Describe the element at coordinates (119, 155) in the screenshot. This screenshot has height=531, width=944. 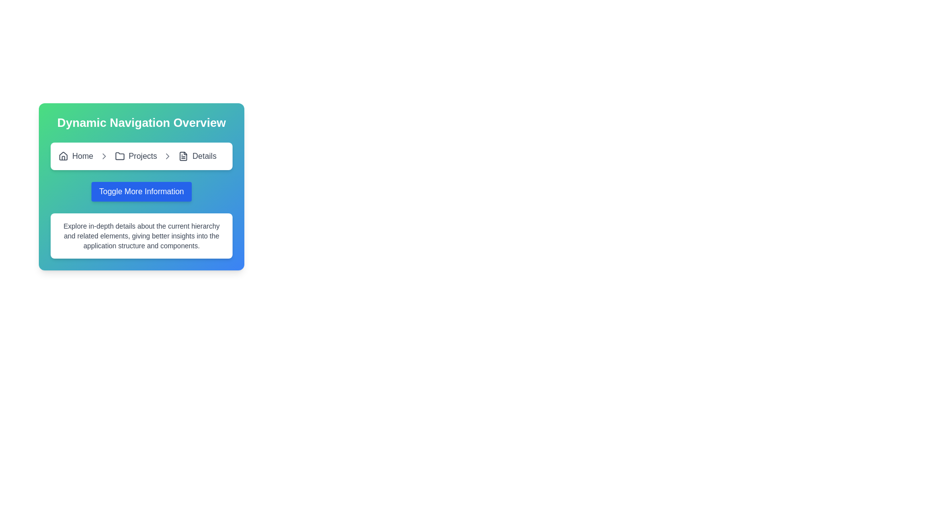
I see `the SVG-based icon element representing a folder in the 'Projects' breadcrumb navigation segment, located to the left of the 'Projects' text` at that location.